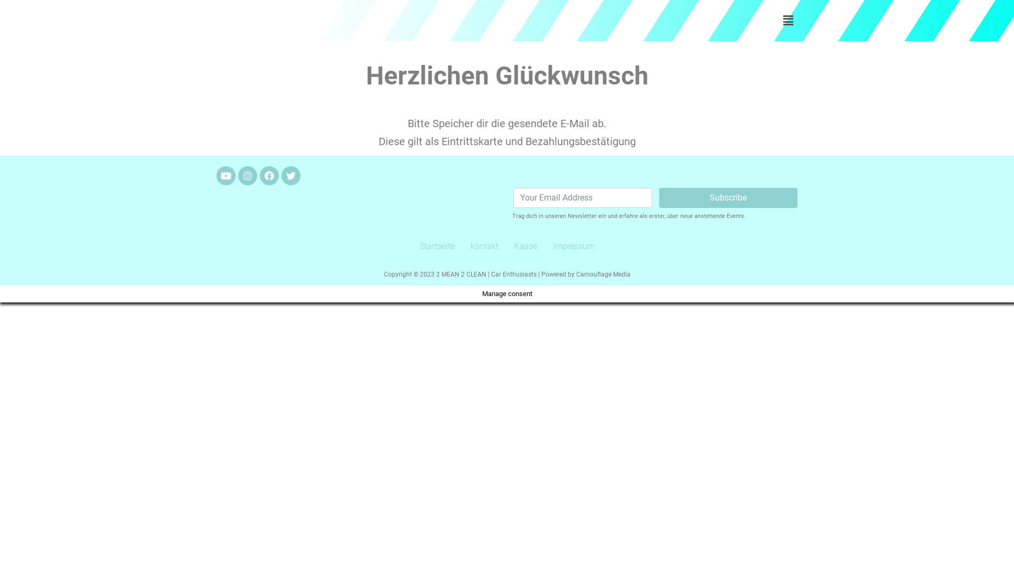  Describe the element at coordinates (437, 246) in the screenshot. I see `'Startseite'` at that location.